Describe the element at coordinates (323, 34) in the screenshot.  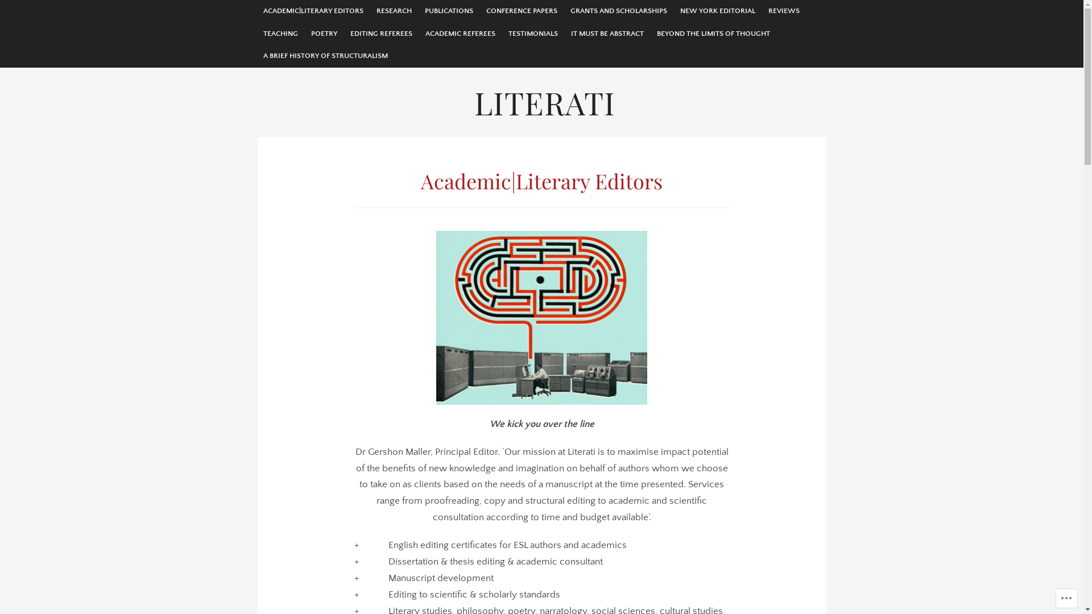
I see `'POETRY'` at that location.